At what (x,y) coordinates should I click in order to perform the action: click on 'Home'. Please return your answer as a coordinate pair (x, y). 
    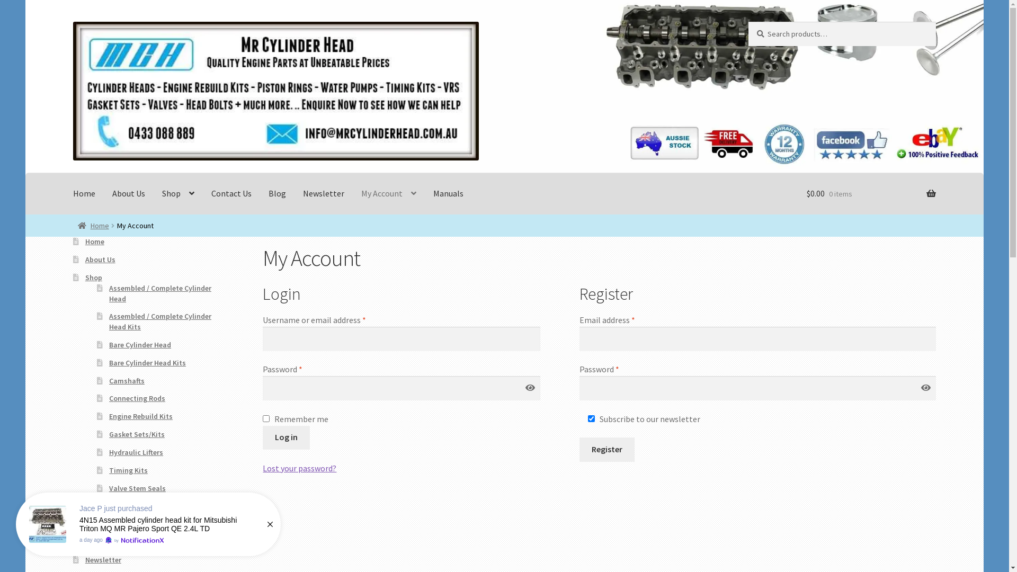
    Looking at the image, I should click on (83, 193).